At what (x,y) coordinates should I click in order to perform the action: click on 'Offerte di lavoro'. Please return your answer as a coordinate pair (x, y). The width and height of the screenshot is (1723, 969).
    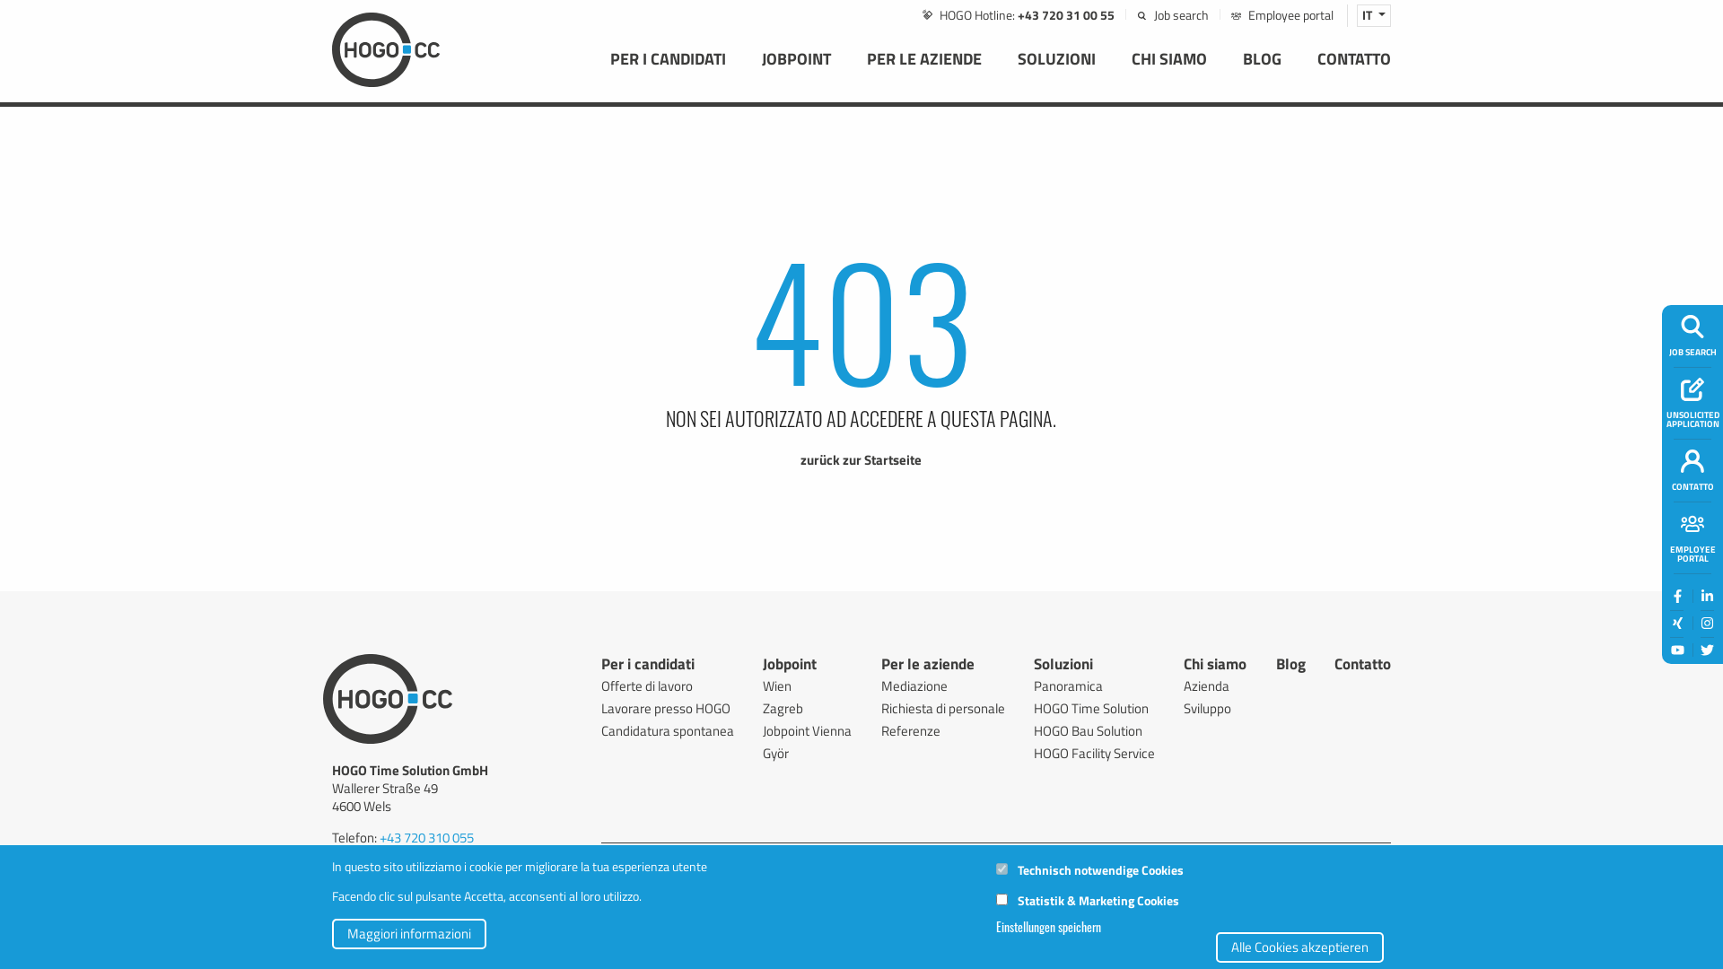
    Looking at the image, I should click on (667, 685).